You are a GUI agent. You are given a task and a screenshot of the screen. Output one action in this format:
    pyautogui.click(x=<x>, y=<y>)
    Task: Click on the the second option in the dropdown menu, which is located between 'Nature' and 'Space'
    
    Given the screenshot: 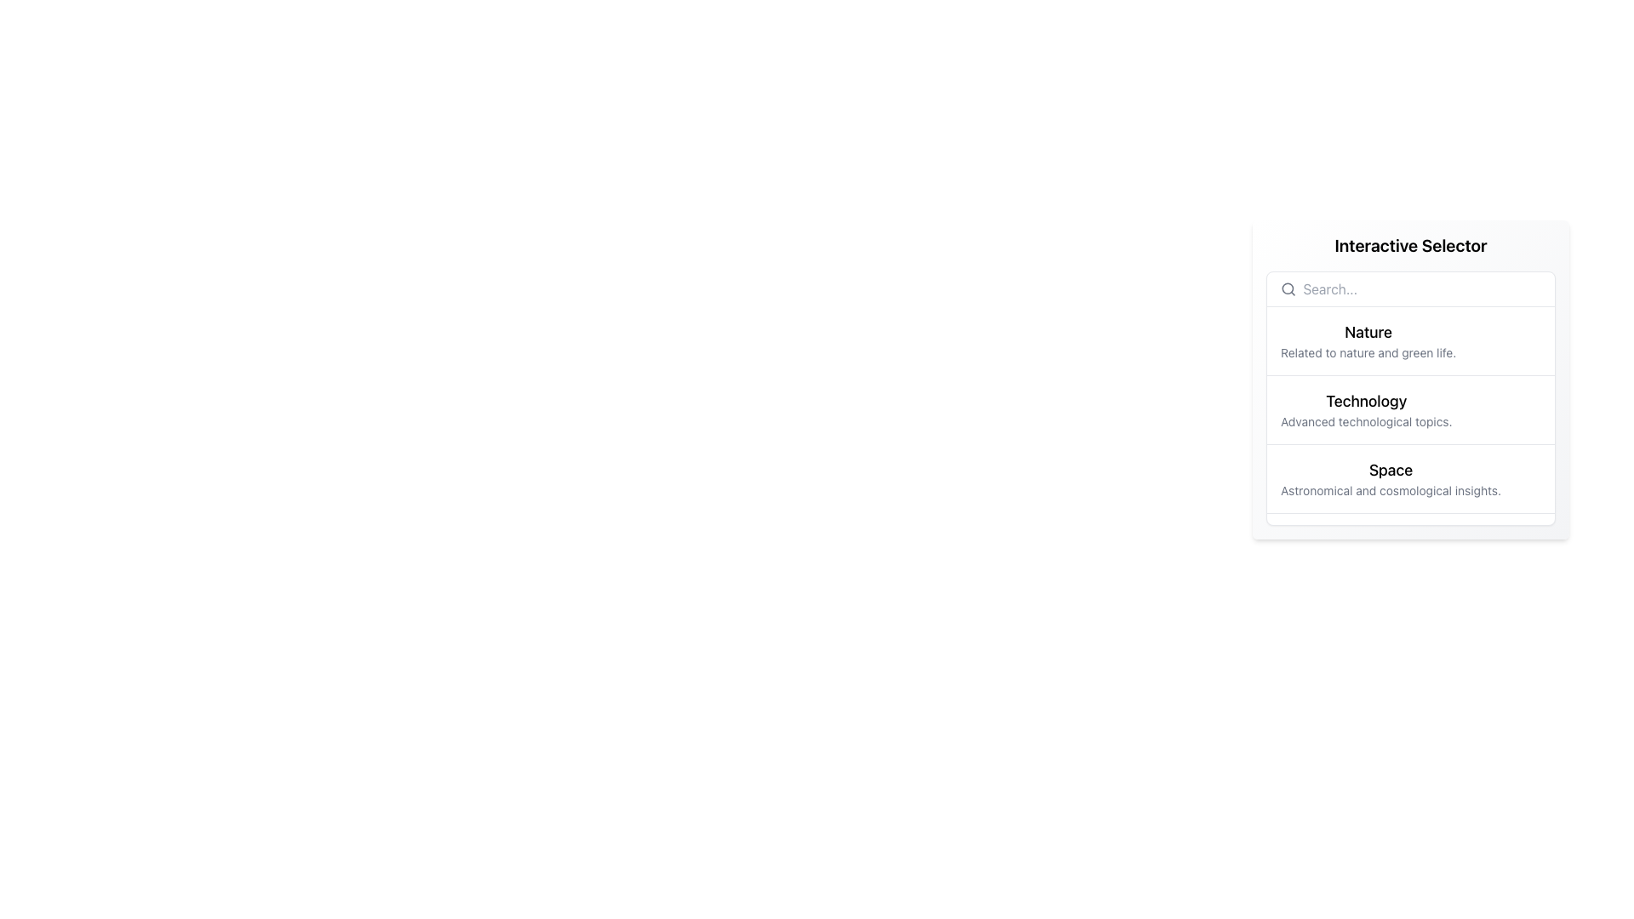 What is the action you would take?
    pyautogui.click(x=1410, y=416)
    